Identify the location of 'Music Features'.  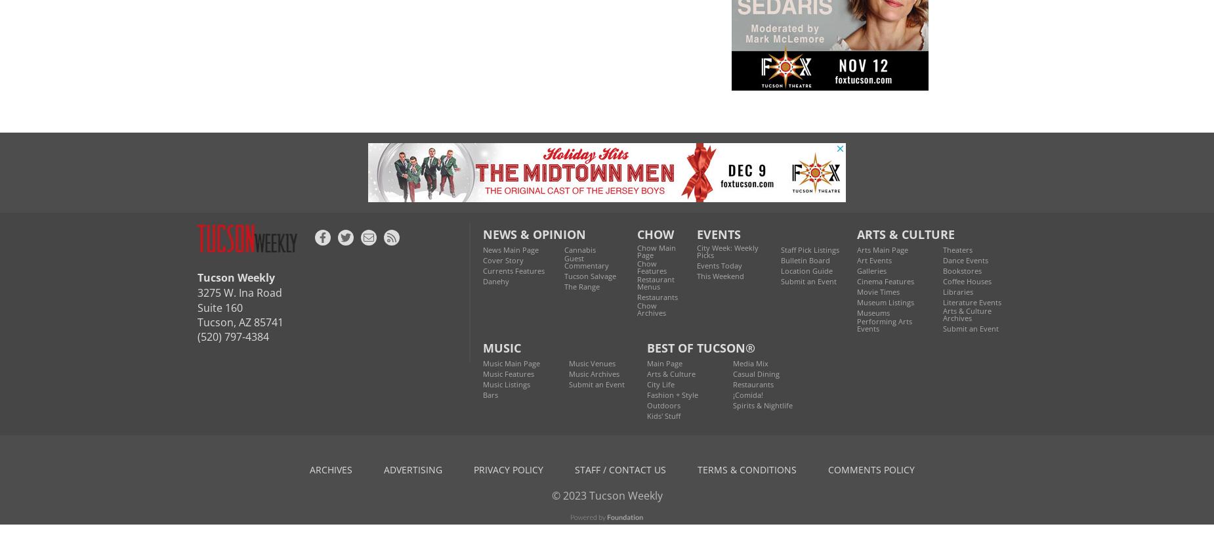
(508, 373).